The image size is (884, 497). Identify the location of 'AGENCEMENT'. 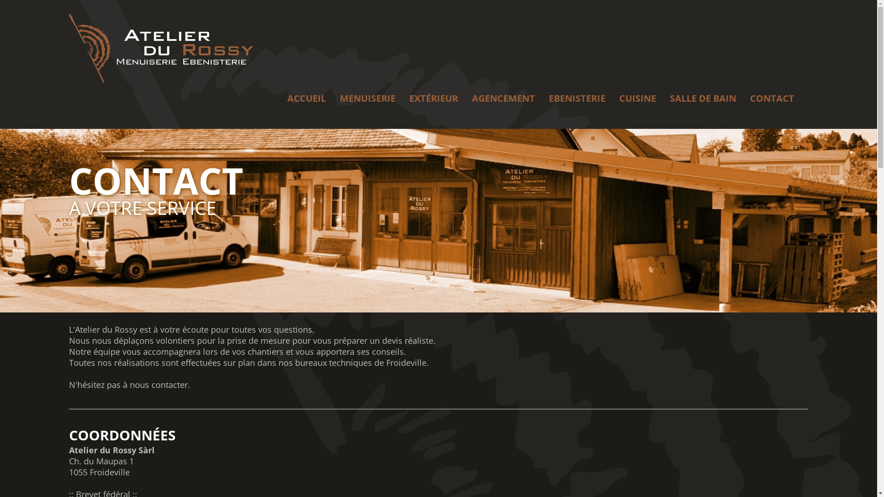
(503, 98).